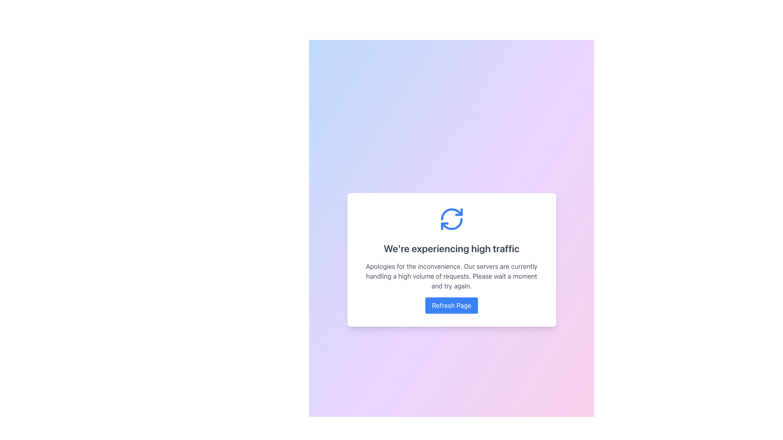 This screenshot has width=783, height=440. What do you see at coordinates (451, 276) in the screenshot?
I see `the static text displaying the message: 'Apologies for the inconvenience. Our servers are currently handling a high volume of requests. Please wait a moment and try again.', which is centrally aligned below the heading 'We're experiencing high traffic'` at bounding box center [451, 276].